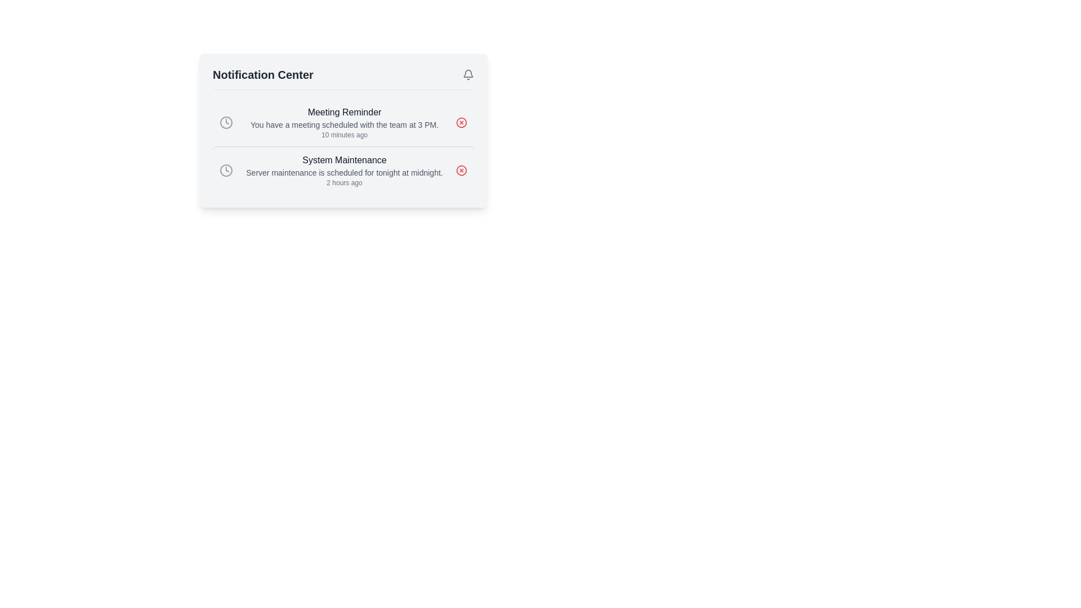  Describe the element at coordinates (343, 134) in the screenshot. I see `the static text element that displays the timestamp for the 'Meeting Reminder' notification, located below the main text about the scheduled meeting` at that location.